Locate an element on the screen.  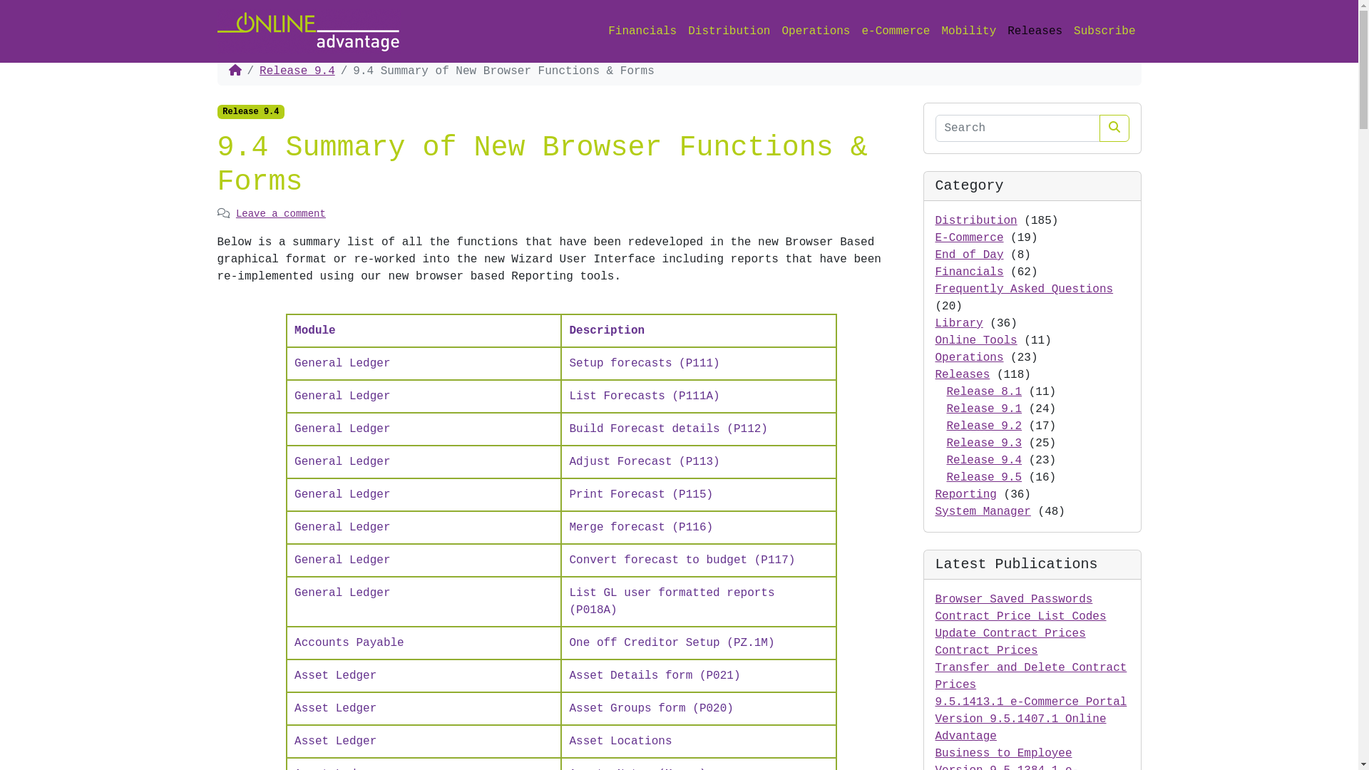
'Leave a comment' is located at coordinates (280, 214).